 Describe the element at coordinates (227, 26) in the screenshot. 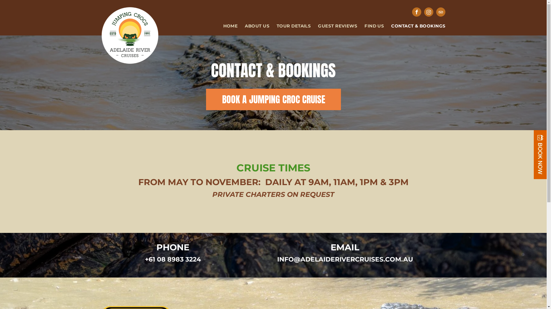

I see `'HOME'` at that location.